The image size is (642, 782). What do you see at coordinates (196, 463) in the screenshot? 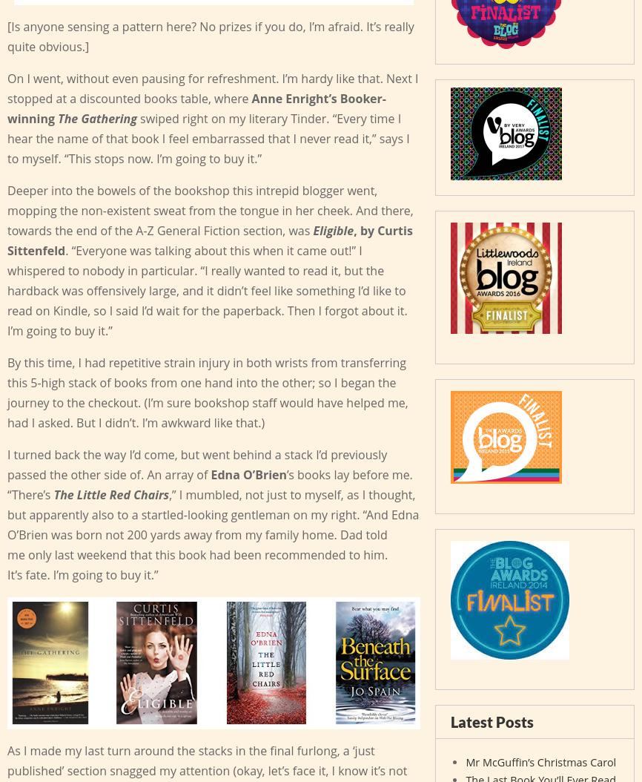
I see `'I turned back the way I’d come, but went behind a stack I’d previously passed the other side of. An array of'` at bounding box center [196, 463].